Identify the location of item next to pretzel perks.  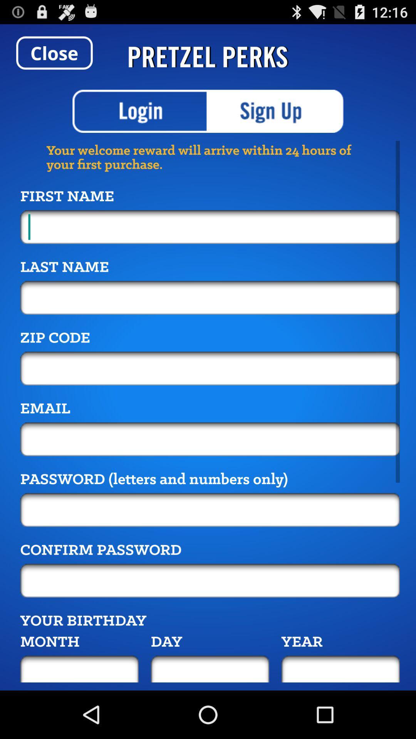
(54, 52).